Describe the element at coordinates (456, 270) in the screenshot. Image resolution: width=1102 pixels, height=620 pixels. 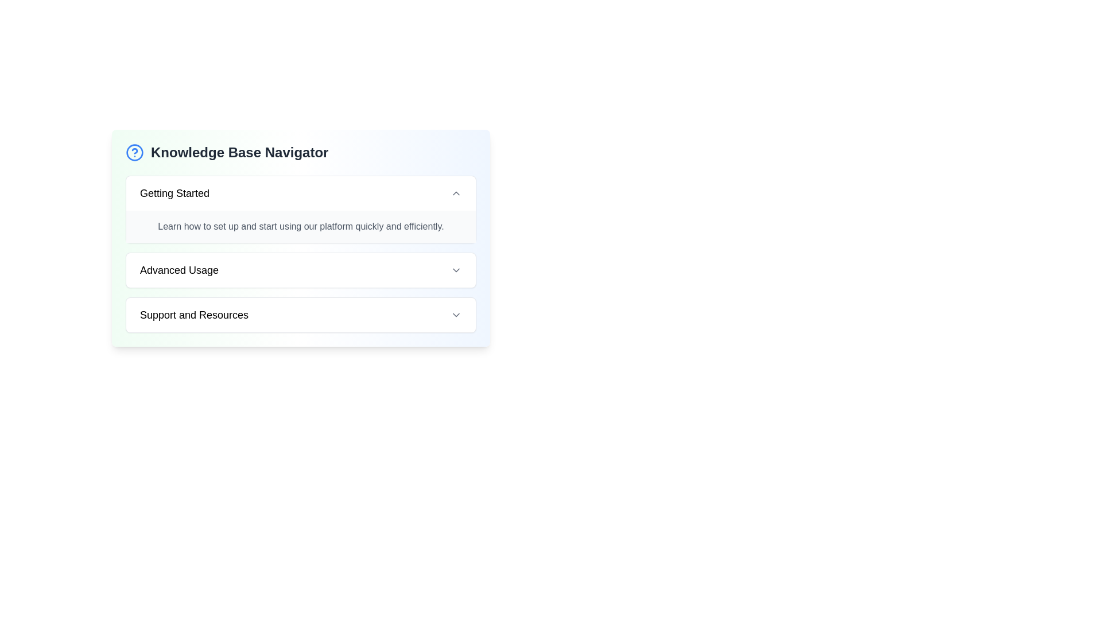
I see `the small gray downward-pointing chevron icon located to the right side of the 'Advanced Usage' text` at that location.